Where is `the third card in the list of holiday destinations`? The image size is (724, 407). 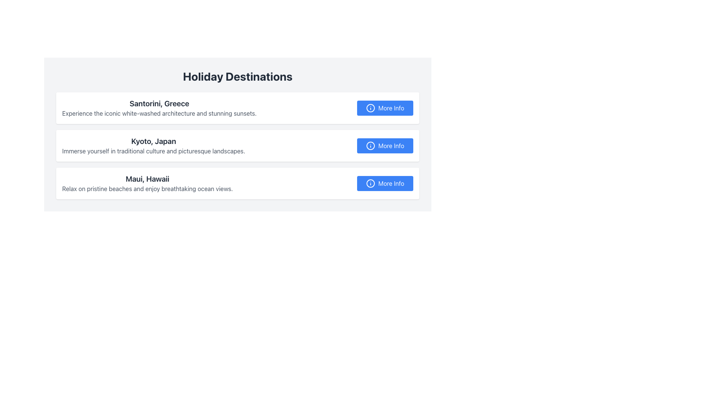
the third card in the list of holiday destinations is located at coordinates (237, 183).